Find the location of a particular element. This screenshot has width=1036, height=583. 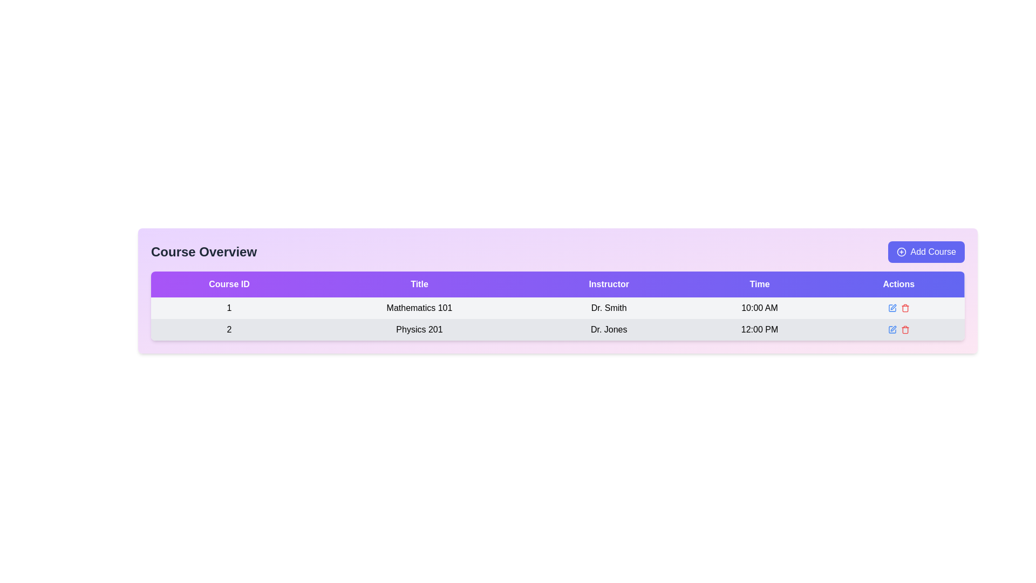

the 'Edit' icon located in the 'Actions' column of the second row of the table is located at coordinates (893, 328).